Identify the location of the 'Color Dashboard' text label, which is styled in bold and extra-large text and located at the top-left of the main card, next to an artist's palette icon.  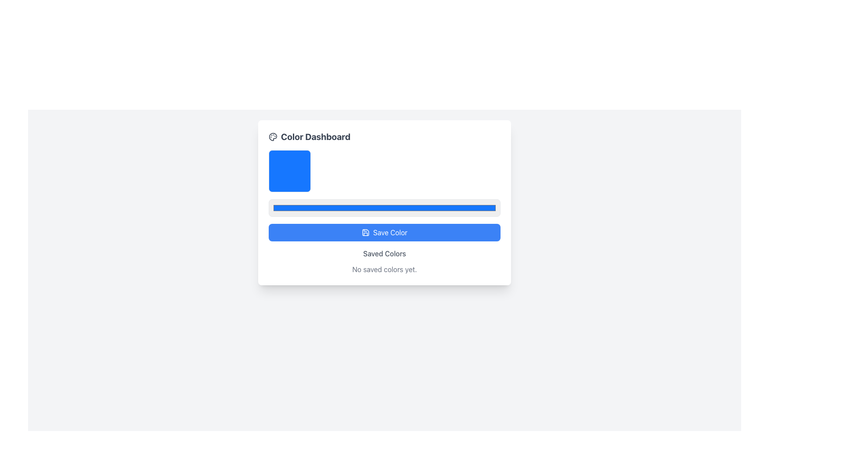
(310, 137).